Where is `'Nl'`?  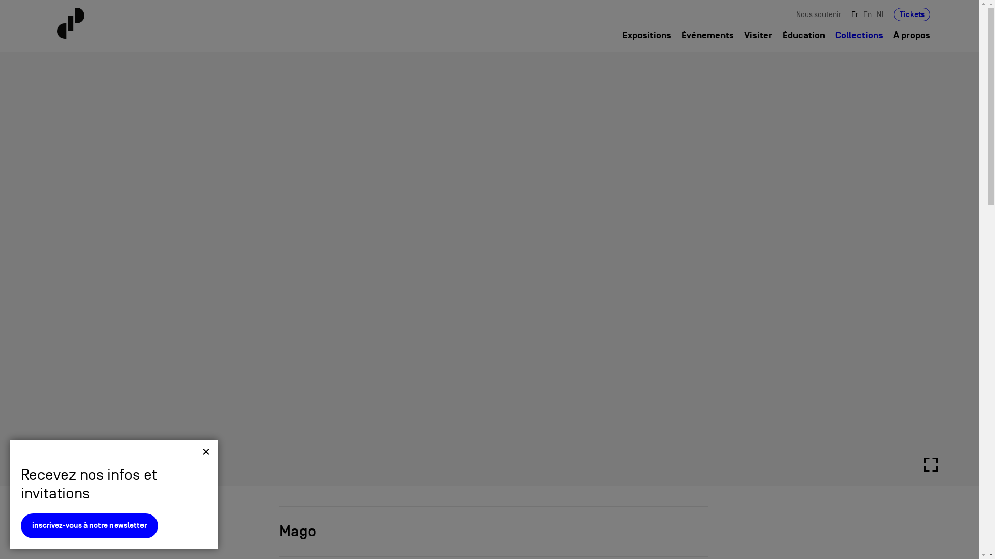
'Nl' is located at coordinates (879, 14).